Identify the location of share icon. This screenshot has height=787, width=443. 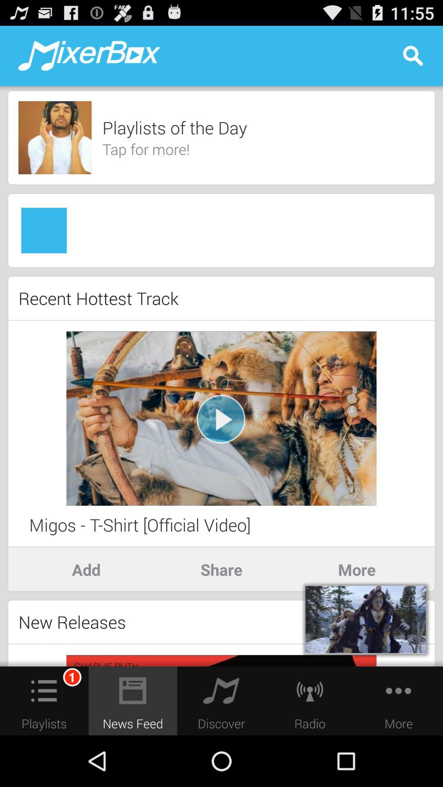
(221, 569).